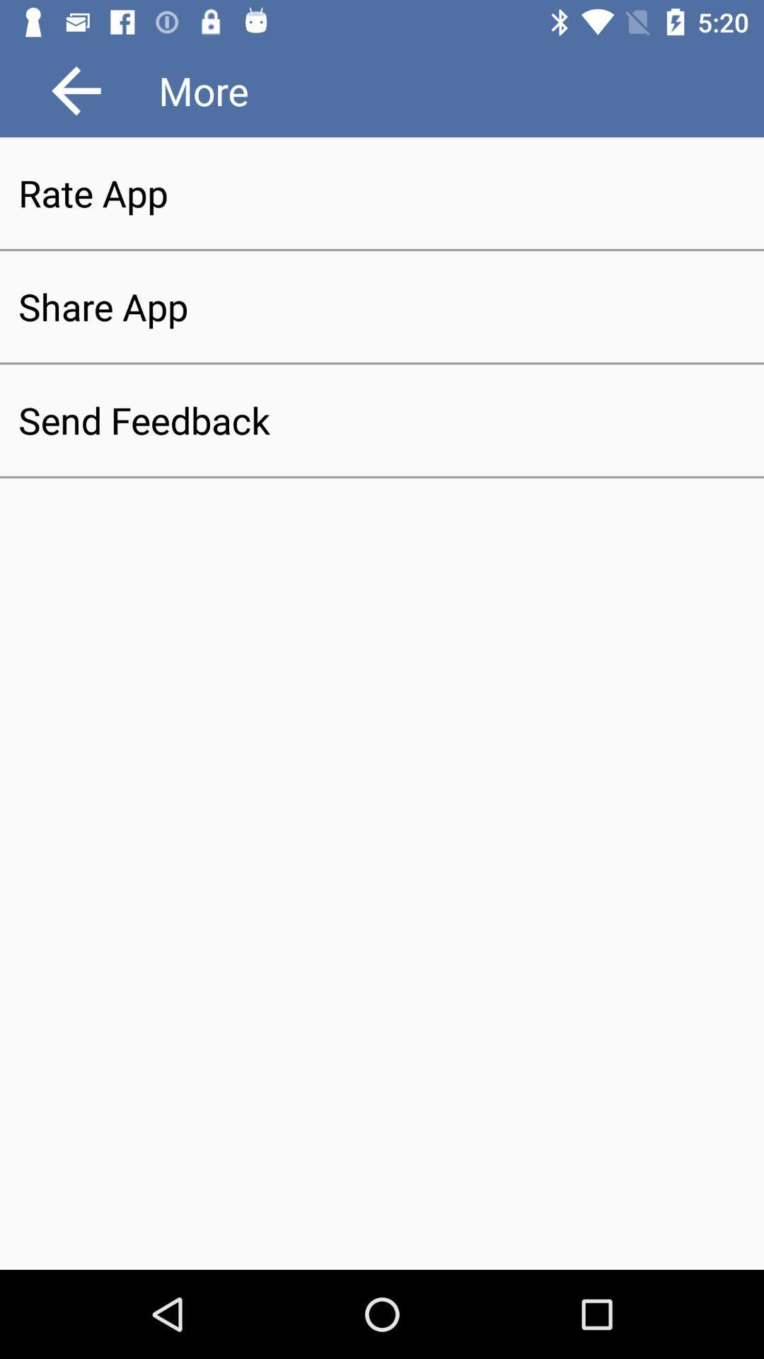 Image resolution: width=764 pixels, height=1359 pixels. What do you see at coordinates (76, 90) in the screenshot?
I see `icon to the left of more app` at bounding box center [76, 90].